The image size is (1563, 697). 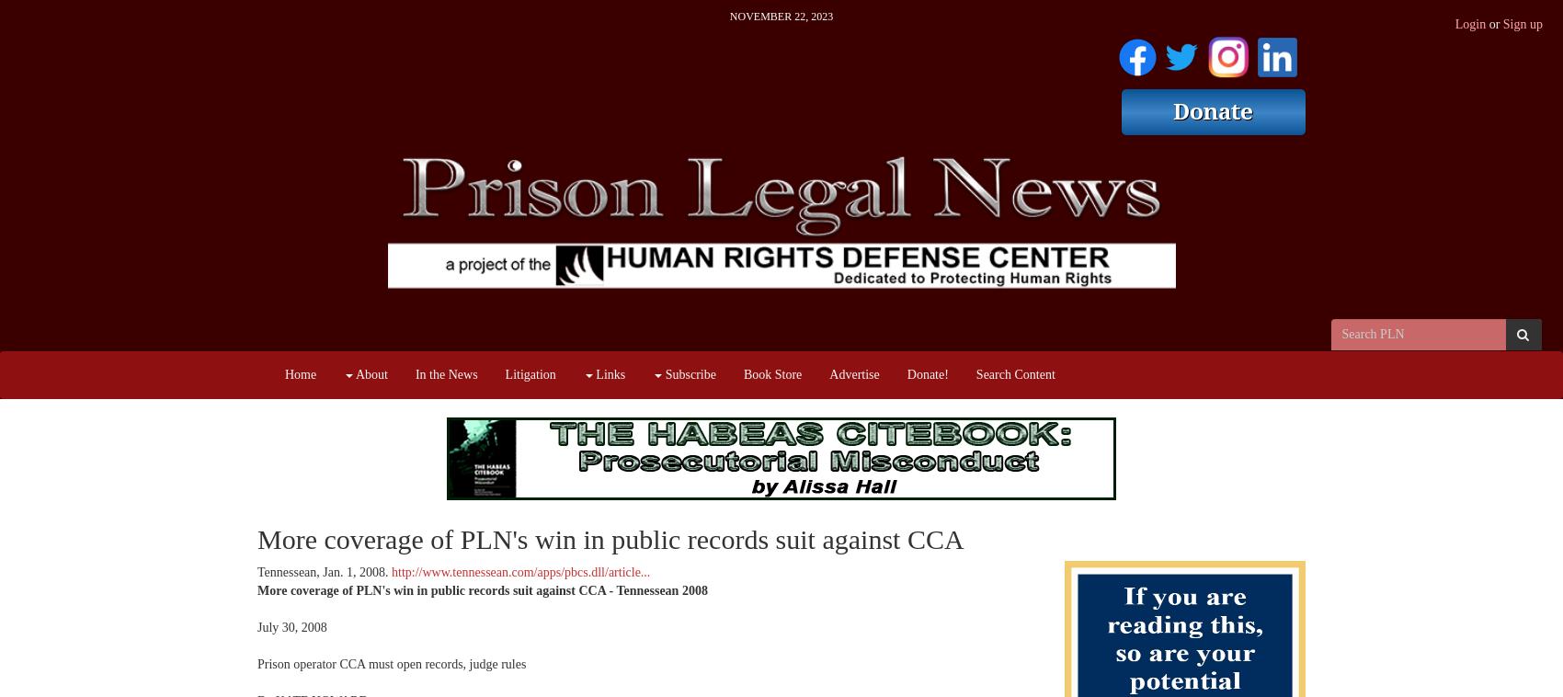 What do you see at coordinates (519, 572) in the screenshot?
I see `'http://www.tennessean.com/apps/pbcs.dll/article...'` at bounding box center [519, 572].